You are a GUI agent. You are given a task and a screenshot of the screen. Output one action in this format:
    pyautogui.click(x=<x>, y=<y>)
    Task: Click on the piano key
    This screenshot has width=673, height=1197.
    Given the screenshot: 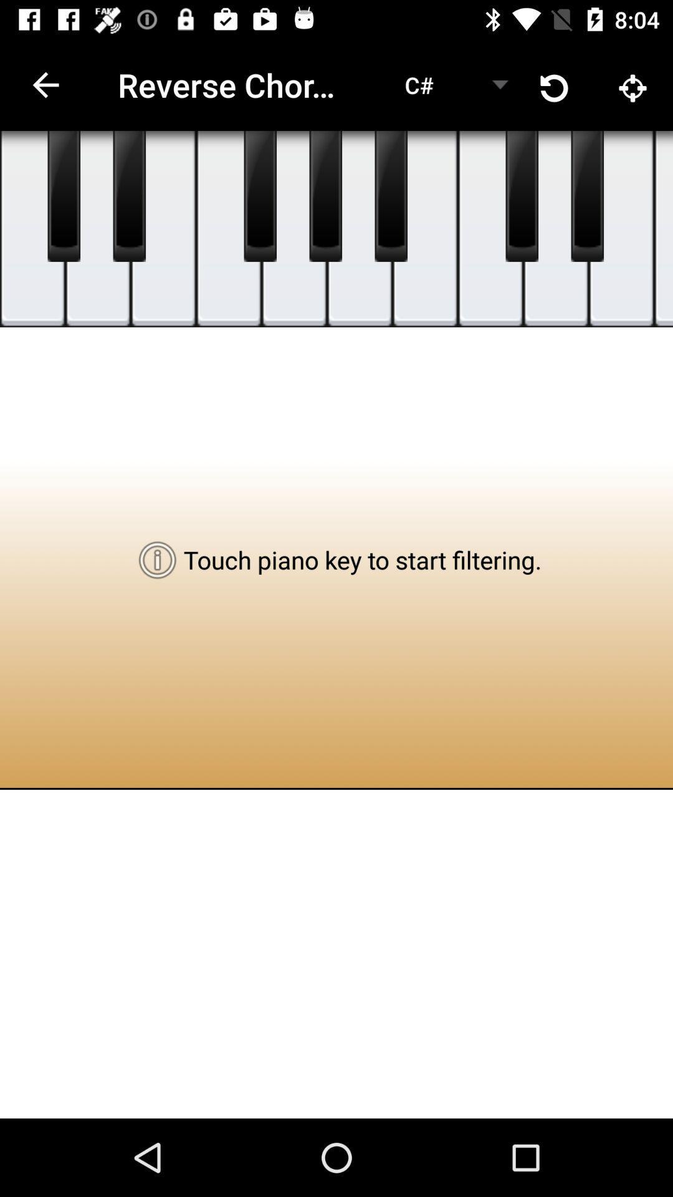 What is the action you would take?
    pyautogui.click(x=621, y=229)
    